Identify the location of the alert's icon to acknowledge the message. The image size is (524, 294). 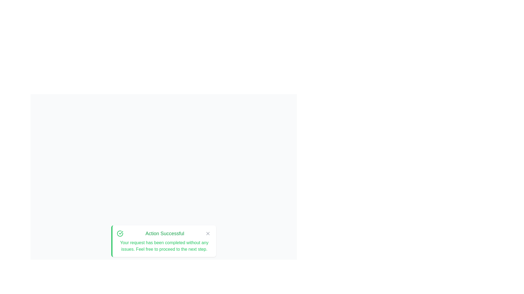
(120, 233).